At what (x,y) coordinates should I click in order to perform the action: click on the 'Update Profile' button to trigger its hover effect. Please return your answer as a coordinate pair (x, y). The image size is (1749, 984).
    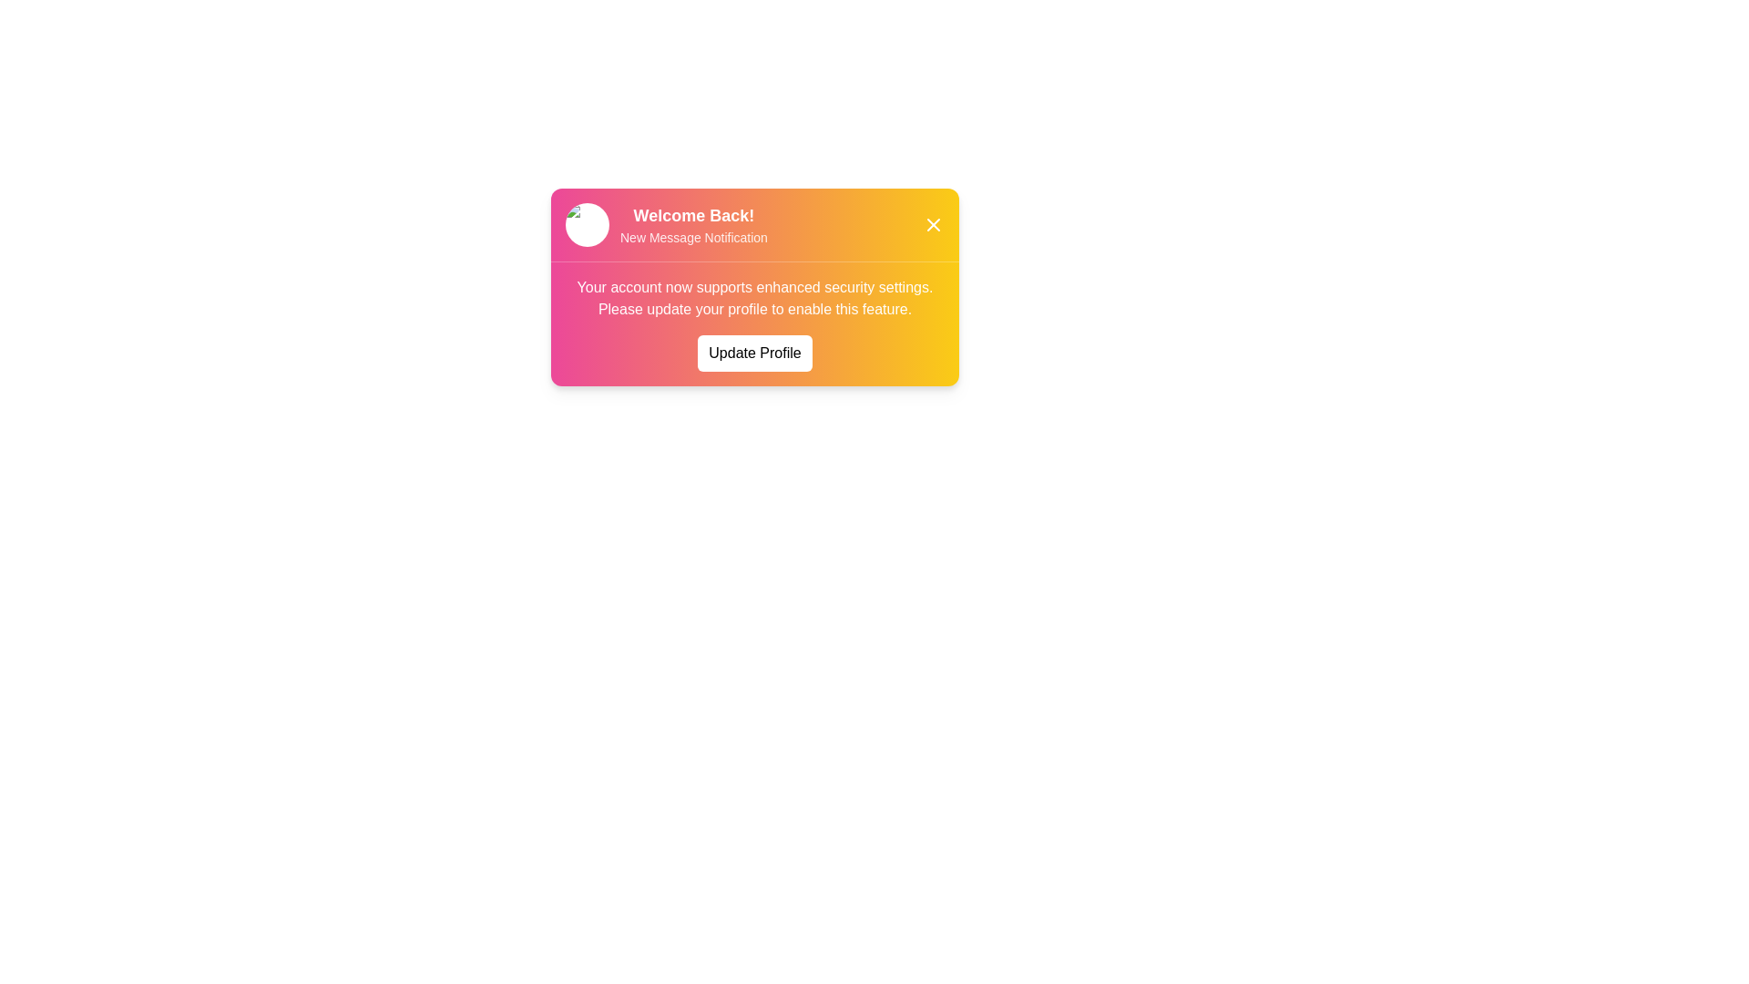
    Looking at the image, I should click on (755, 354).